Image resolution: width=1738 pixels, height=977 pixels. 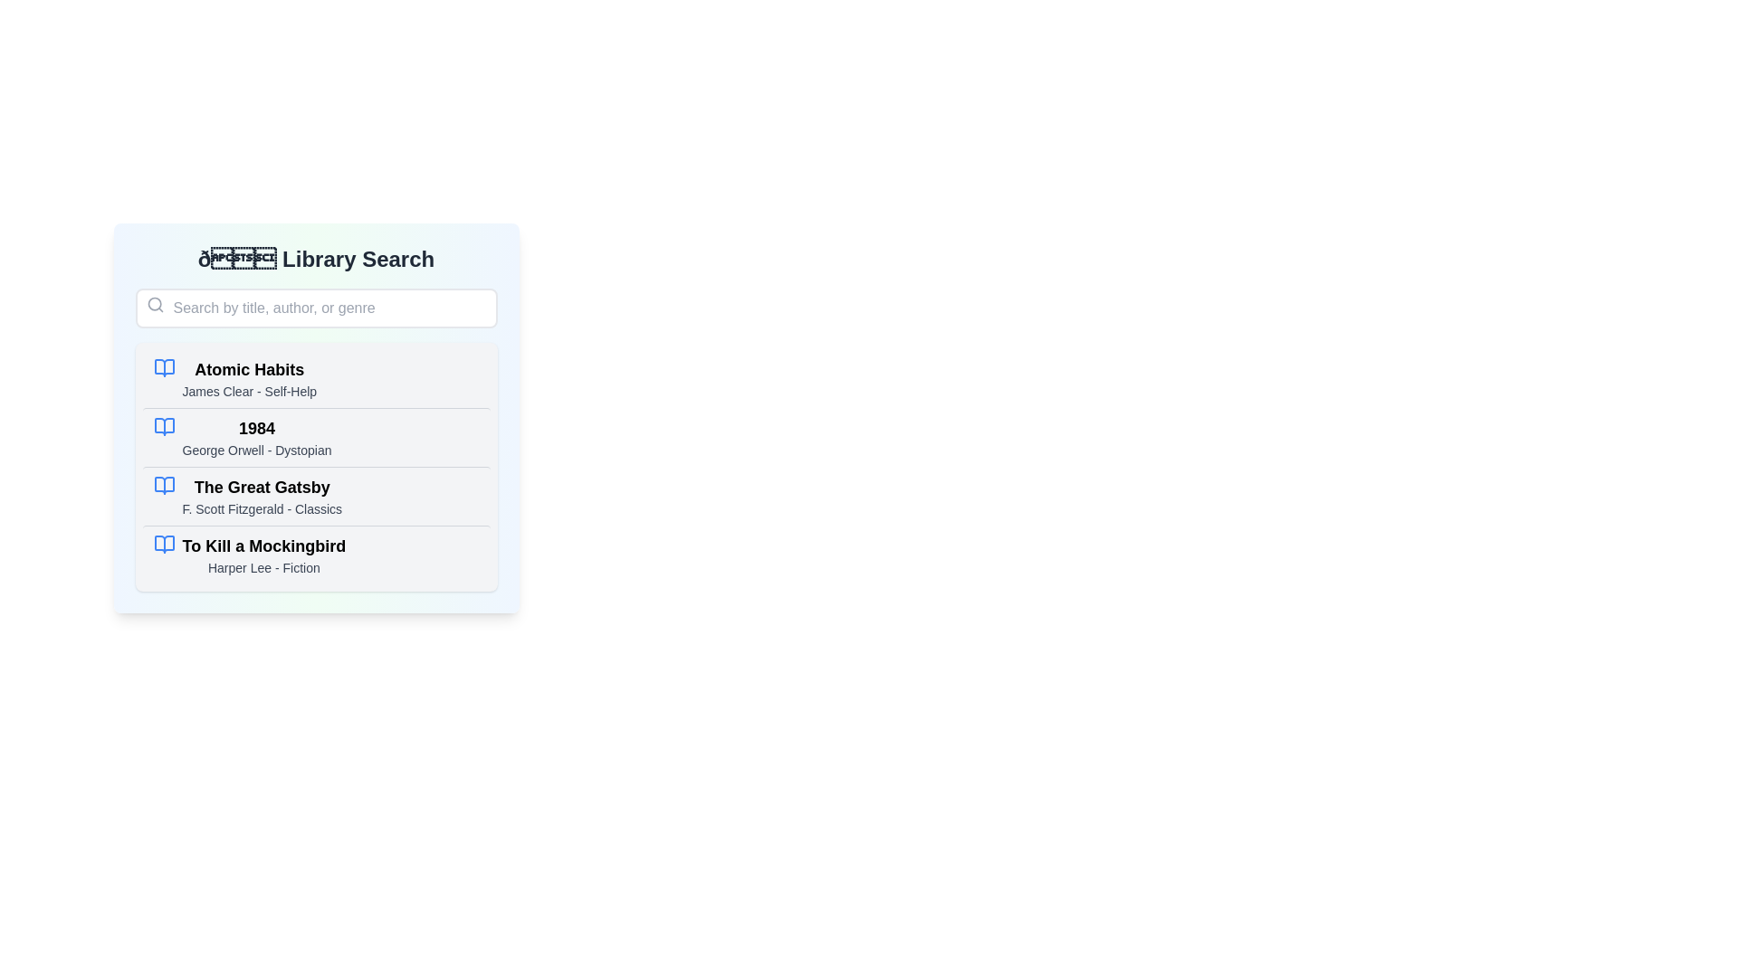 I want to click on the large, bold text 'Atomic Habits' at the top of the library search result entry, so click(x=248, y=368).